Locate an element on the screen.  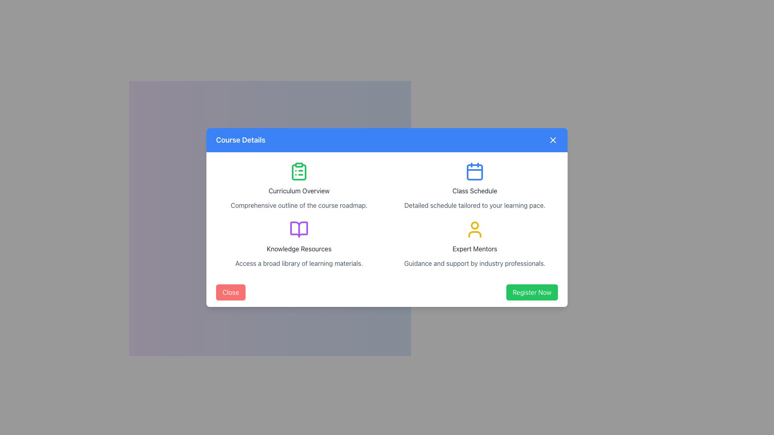
the informational panel with an open book icon and the title 'Knowledge Resources' located in the bottom-left quadrant of the grid layout is located at coordinates (299, 243).